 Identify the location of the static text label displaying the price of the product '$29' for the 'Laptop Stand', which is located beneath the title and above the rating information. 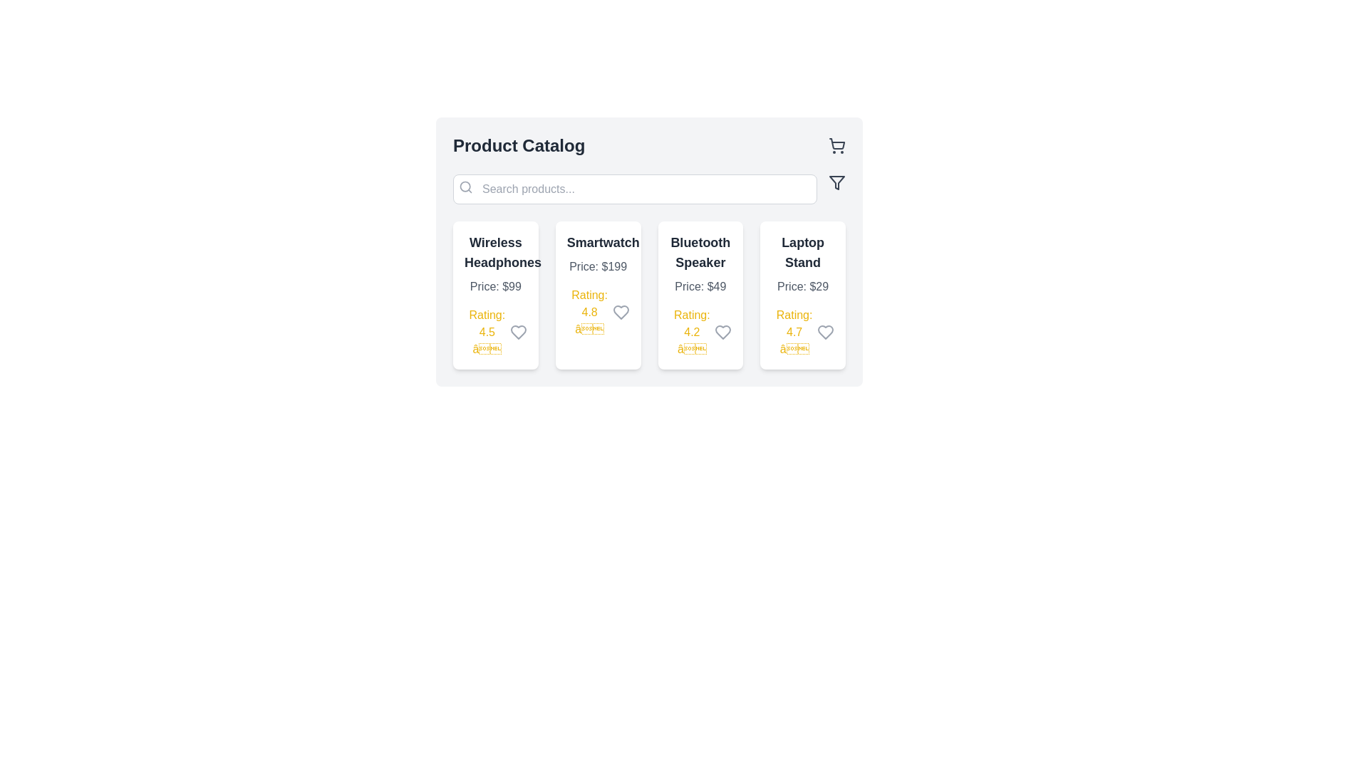
(803, 286).